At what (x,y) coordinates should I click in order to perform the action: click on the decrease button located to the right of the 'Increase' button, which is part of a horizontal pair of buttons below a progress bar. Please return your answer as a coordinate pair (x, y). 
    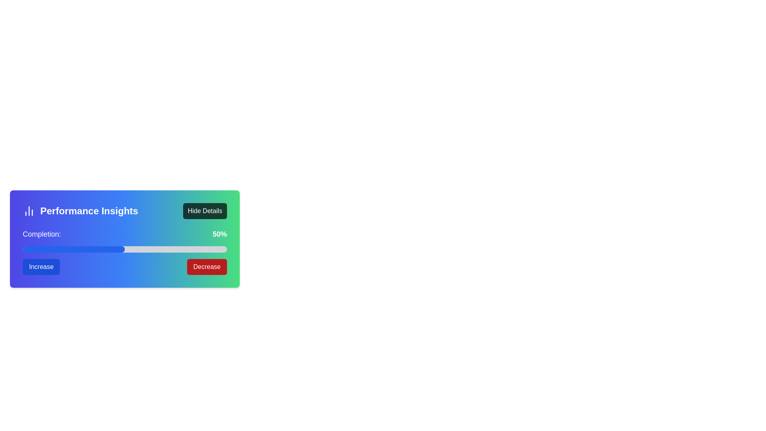
    Looking at the image, I should click on (207, 267).